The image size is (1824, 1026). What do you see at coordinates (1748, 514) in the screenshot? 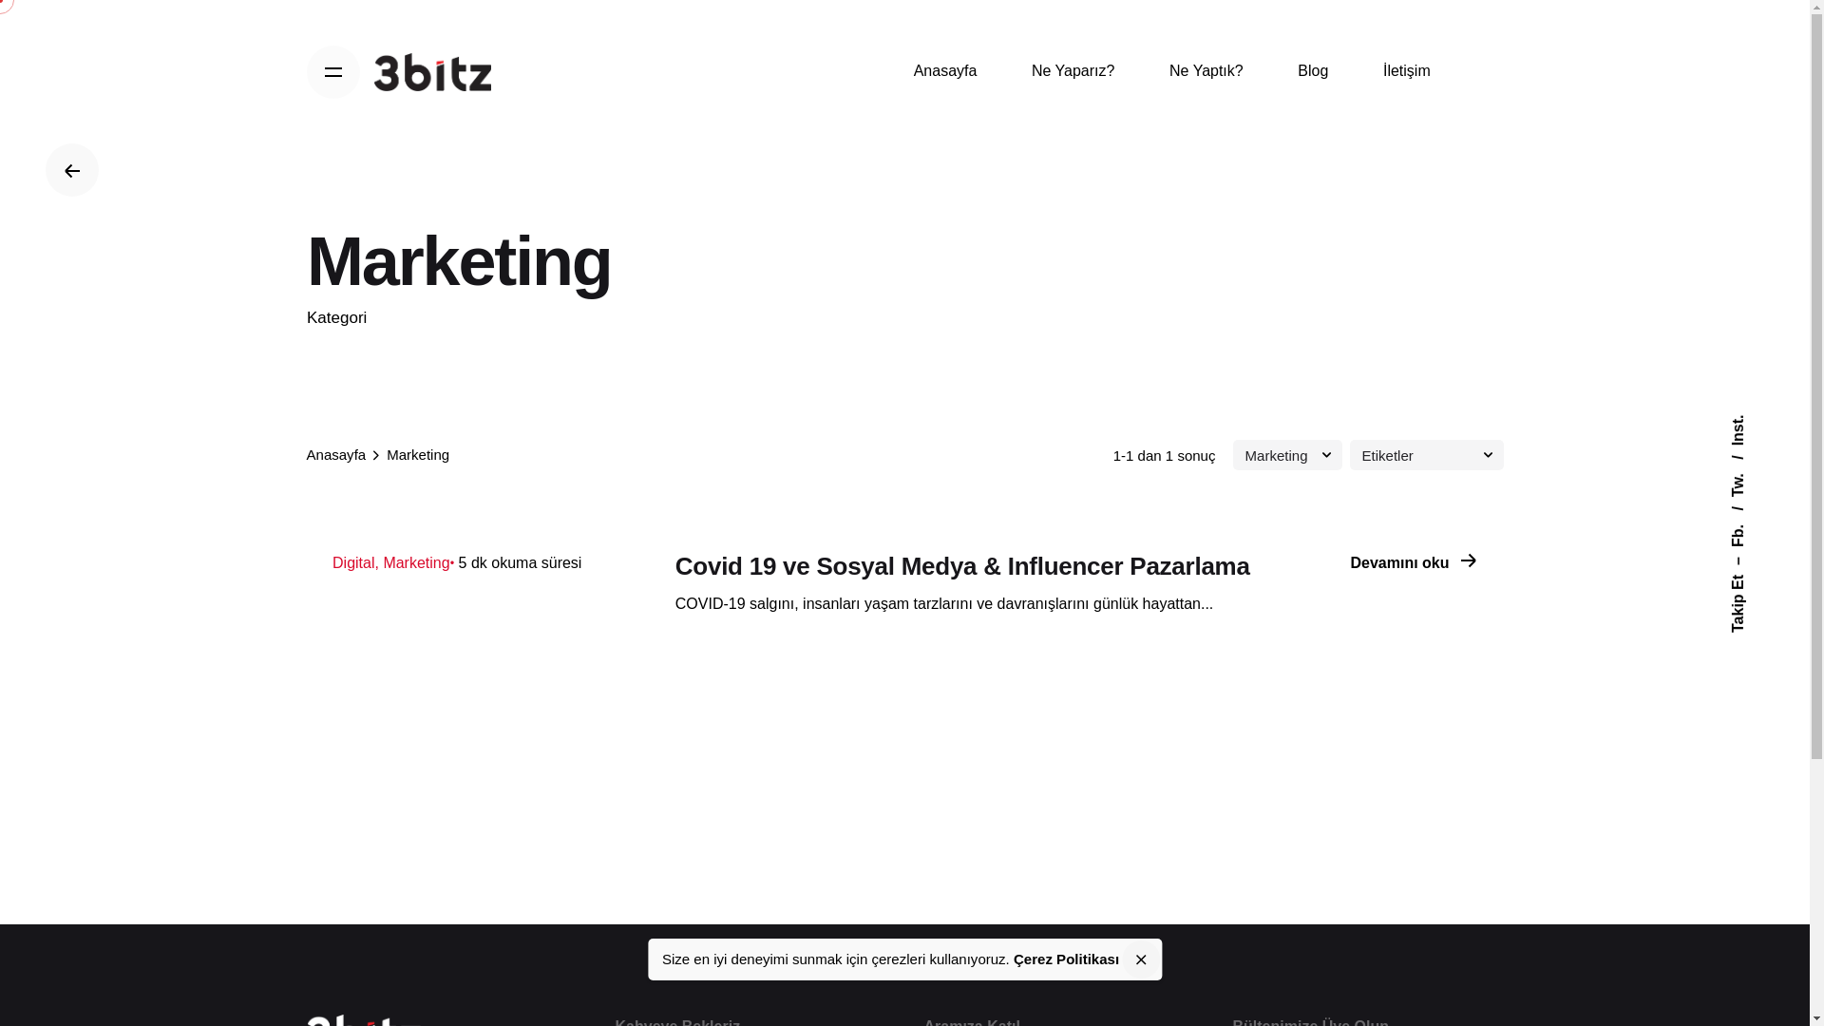
I see `'Fb.'` at bounding box center [1748, 514].